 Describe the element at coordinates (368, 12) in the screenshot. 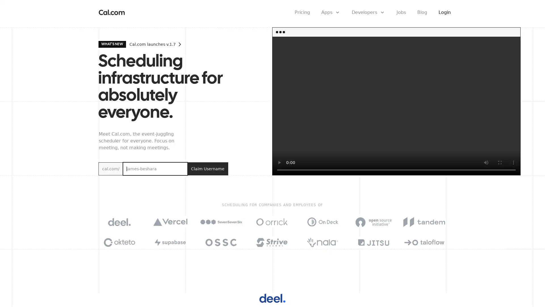

I see `Developers` at that location.